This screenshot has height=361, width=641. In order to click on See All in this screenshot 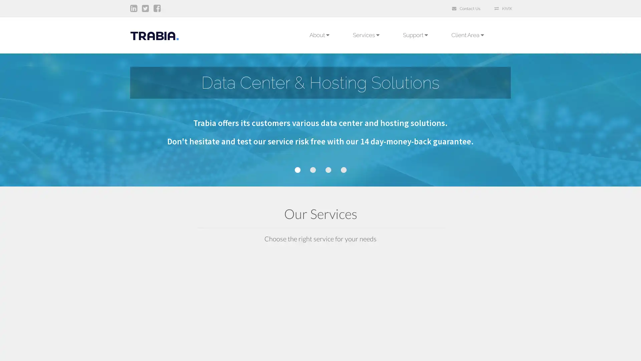, I will do `click(369, 349)`.